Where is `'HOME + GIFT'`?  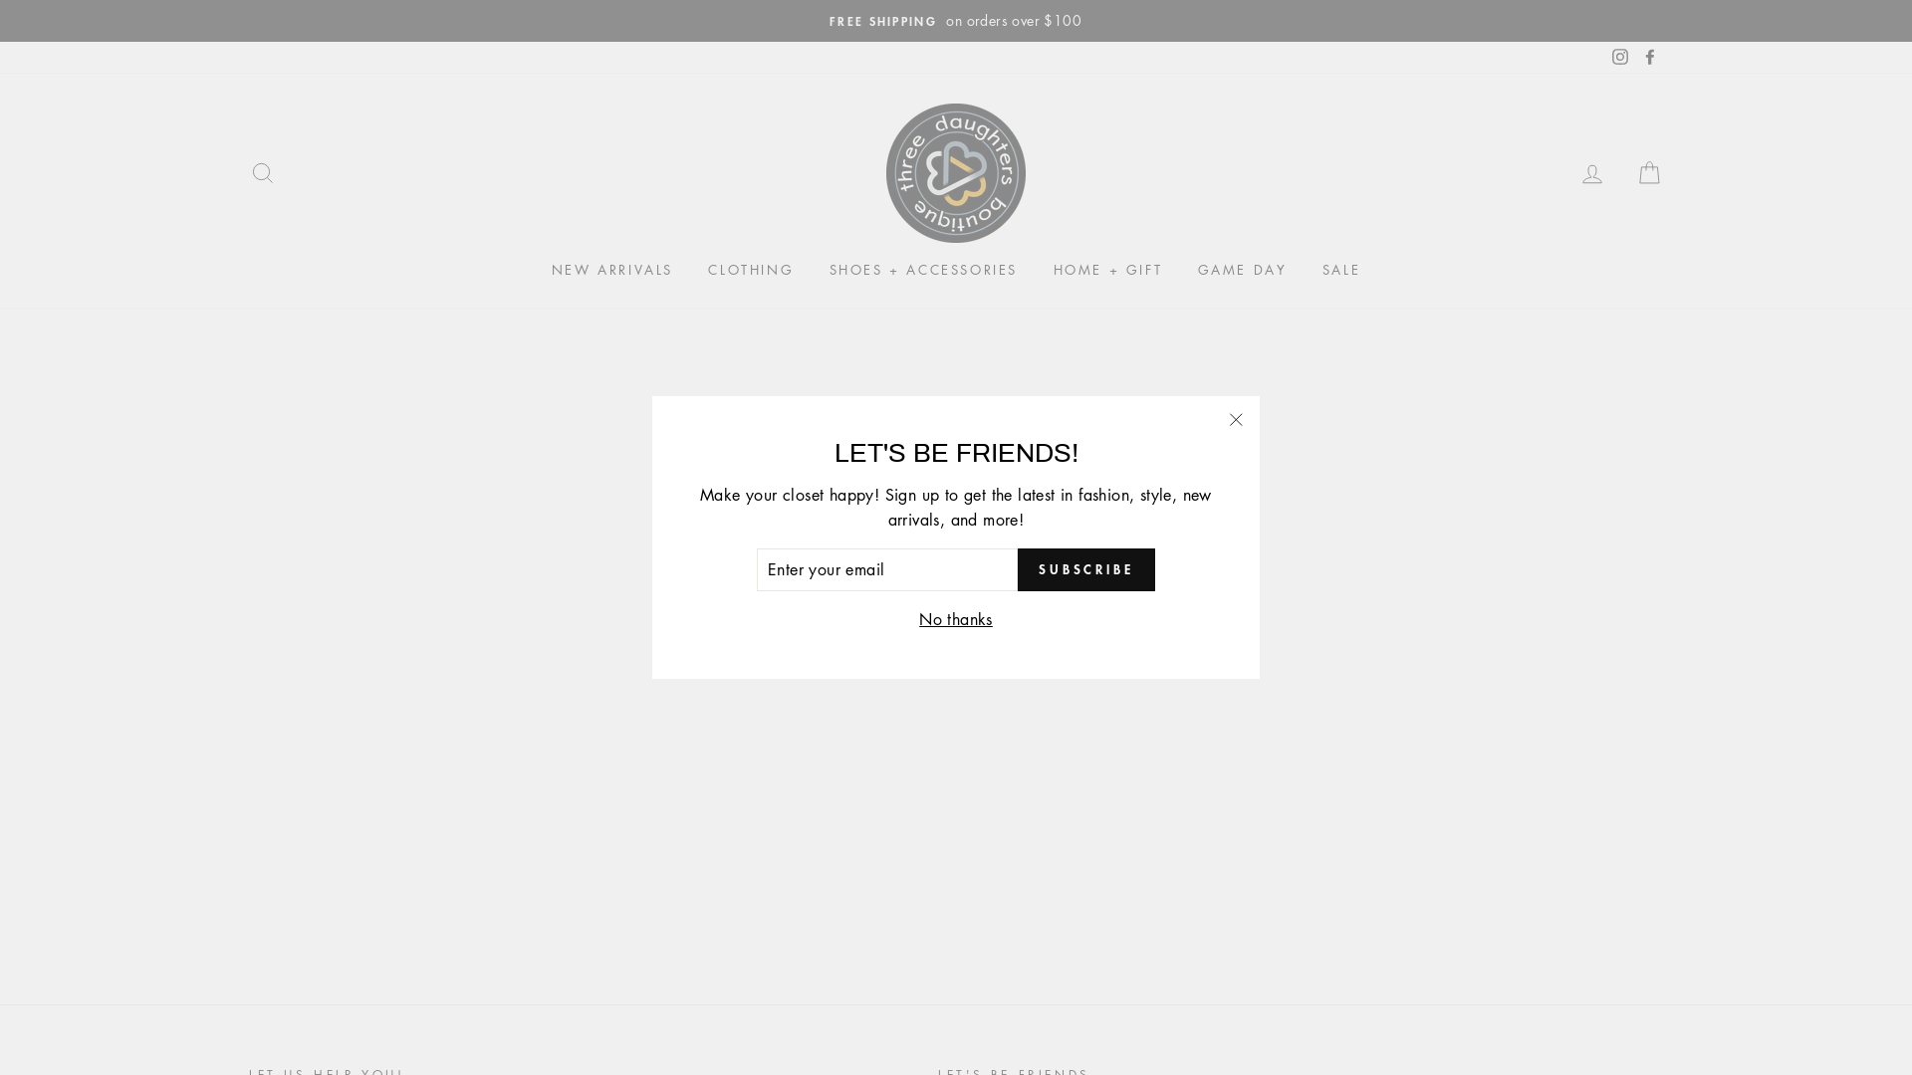 'HOME + GIFT' is located at coordinates (1036, 271).